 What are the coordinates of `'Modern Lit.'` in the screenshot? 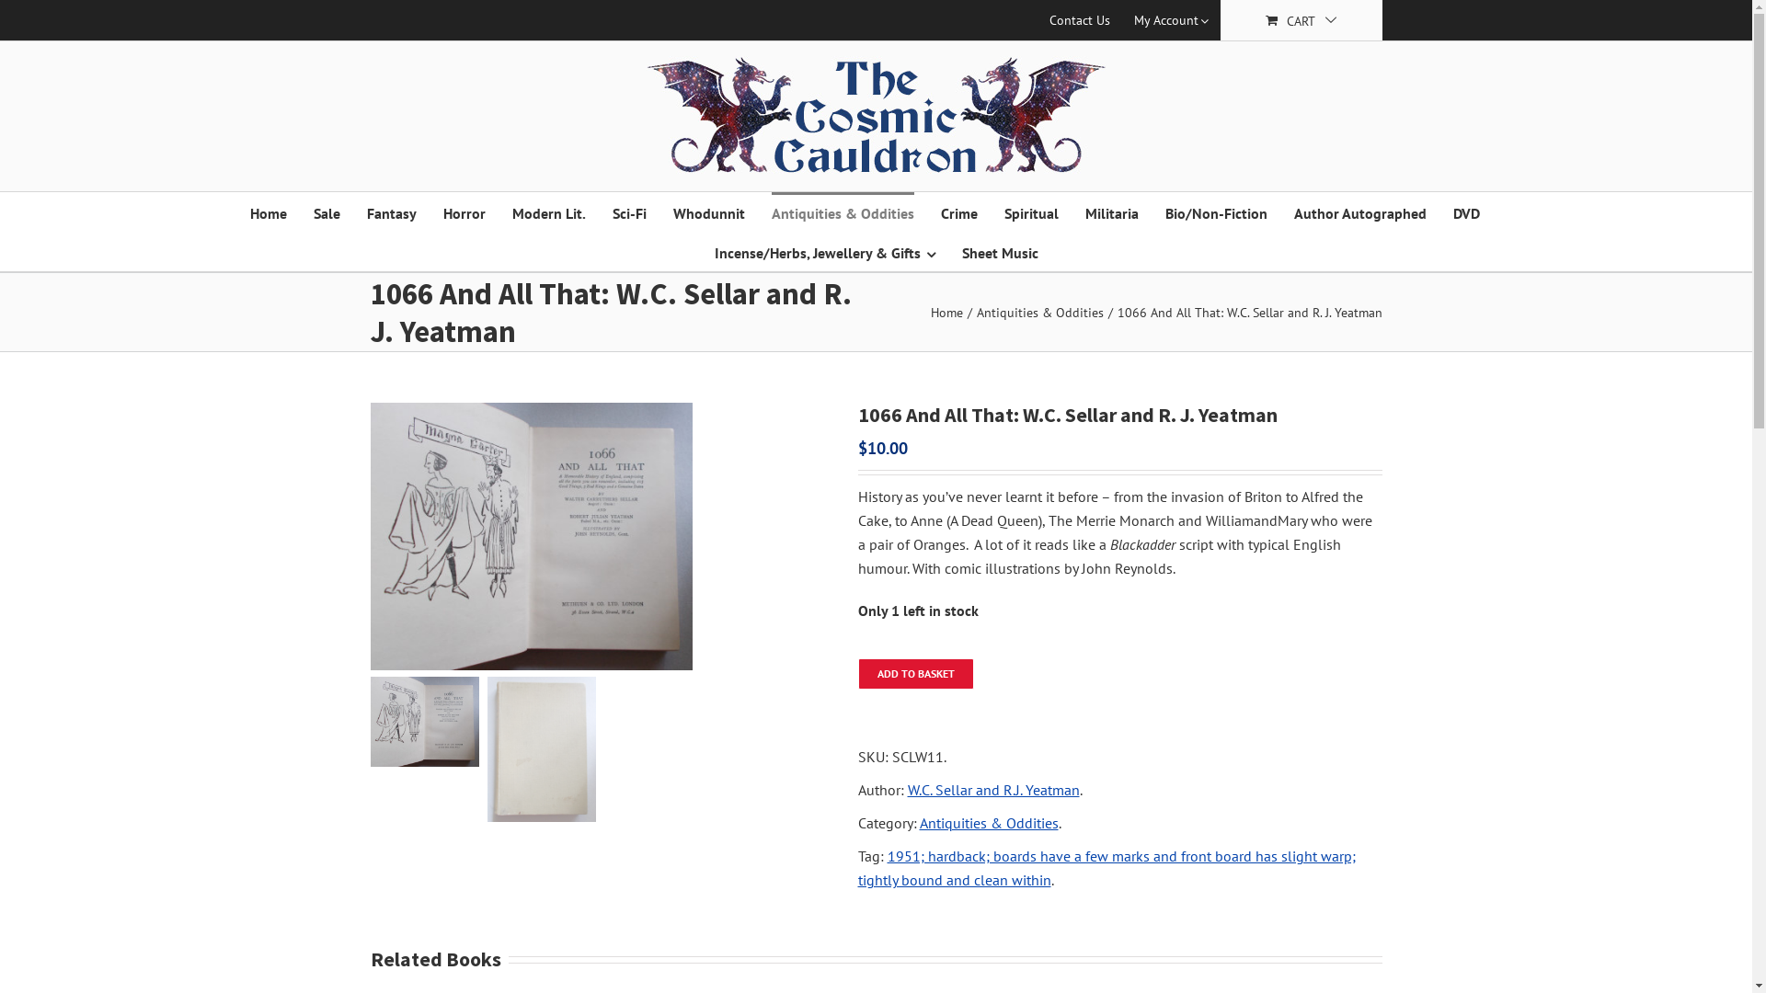 It's located at (546, 211).